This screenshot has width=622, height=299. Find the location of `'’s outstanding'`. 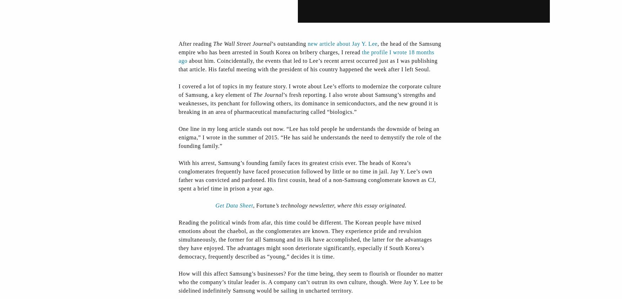

'’s outstanding' is located at coordinates (289, 43).